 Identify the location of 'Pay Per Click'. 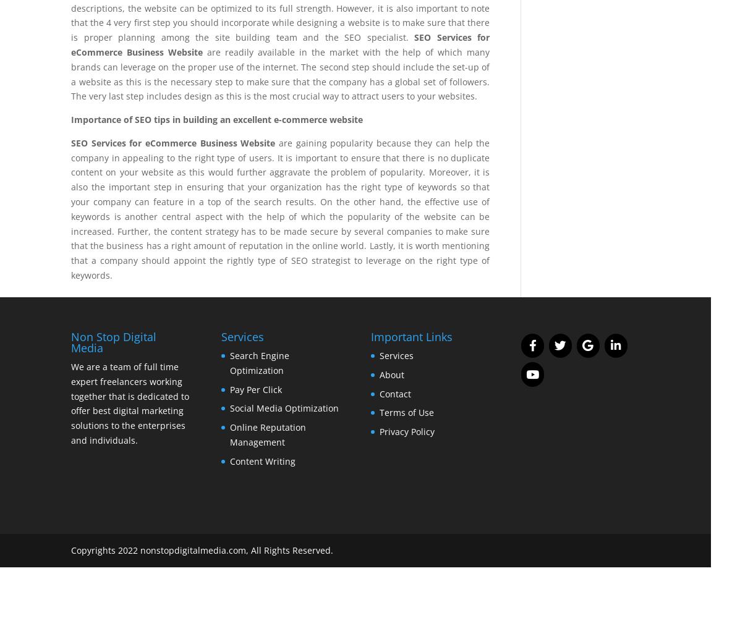
(255, 389).